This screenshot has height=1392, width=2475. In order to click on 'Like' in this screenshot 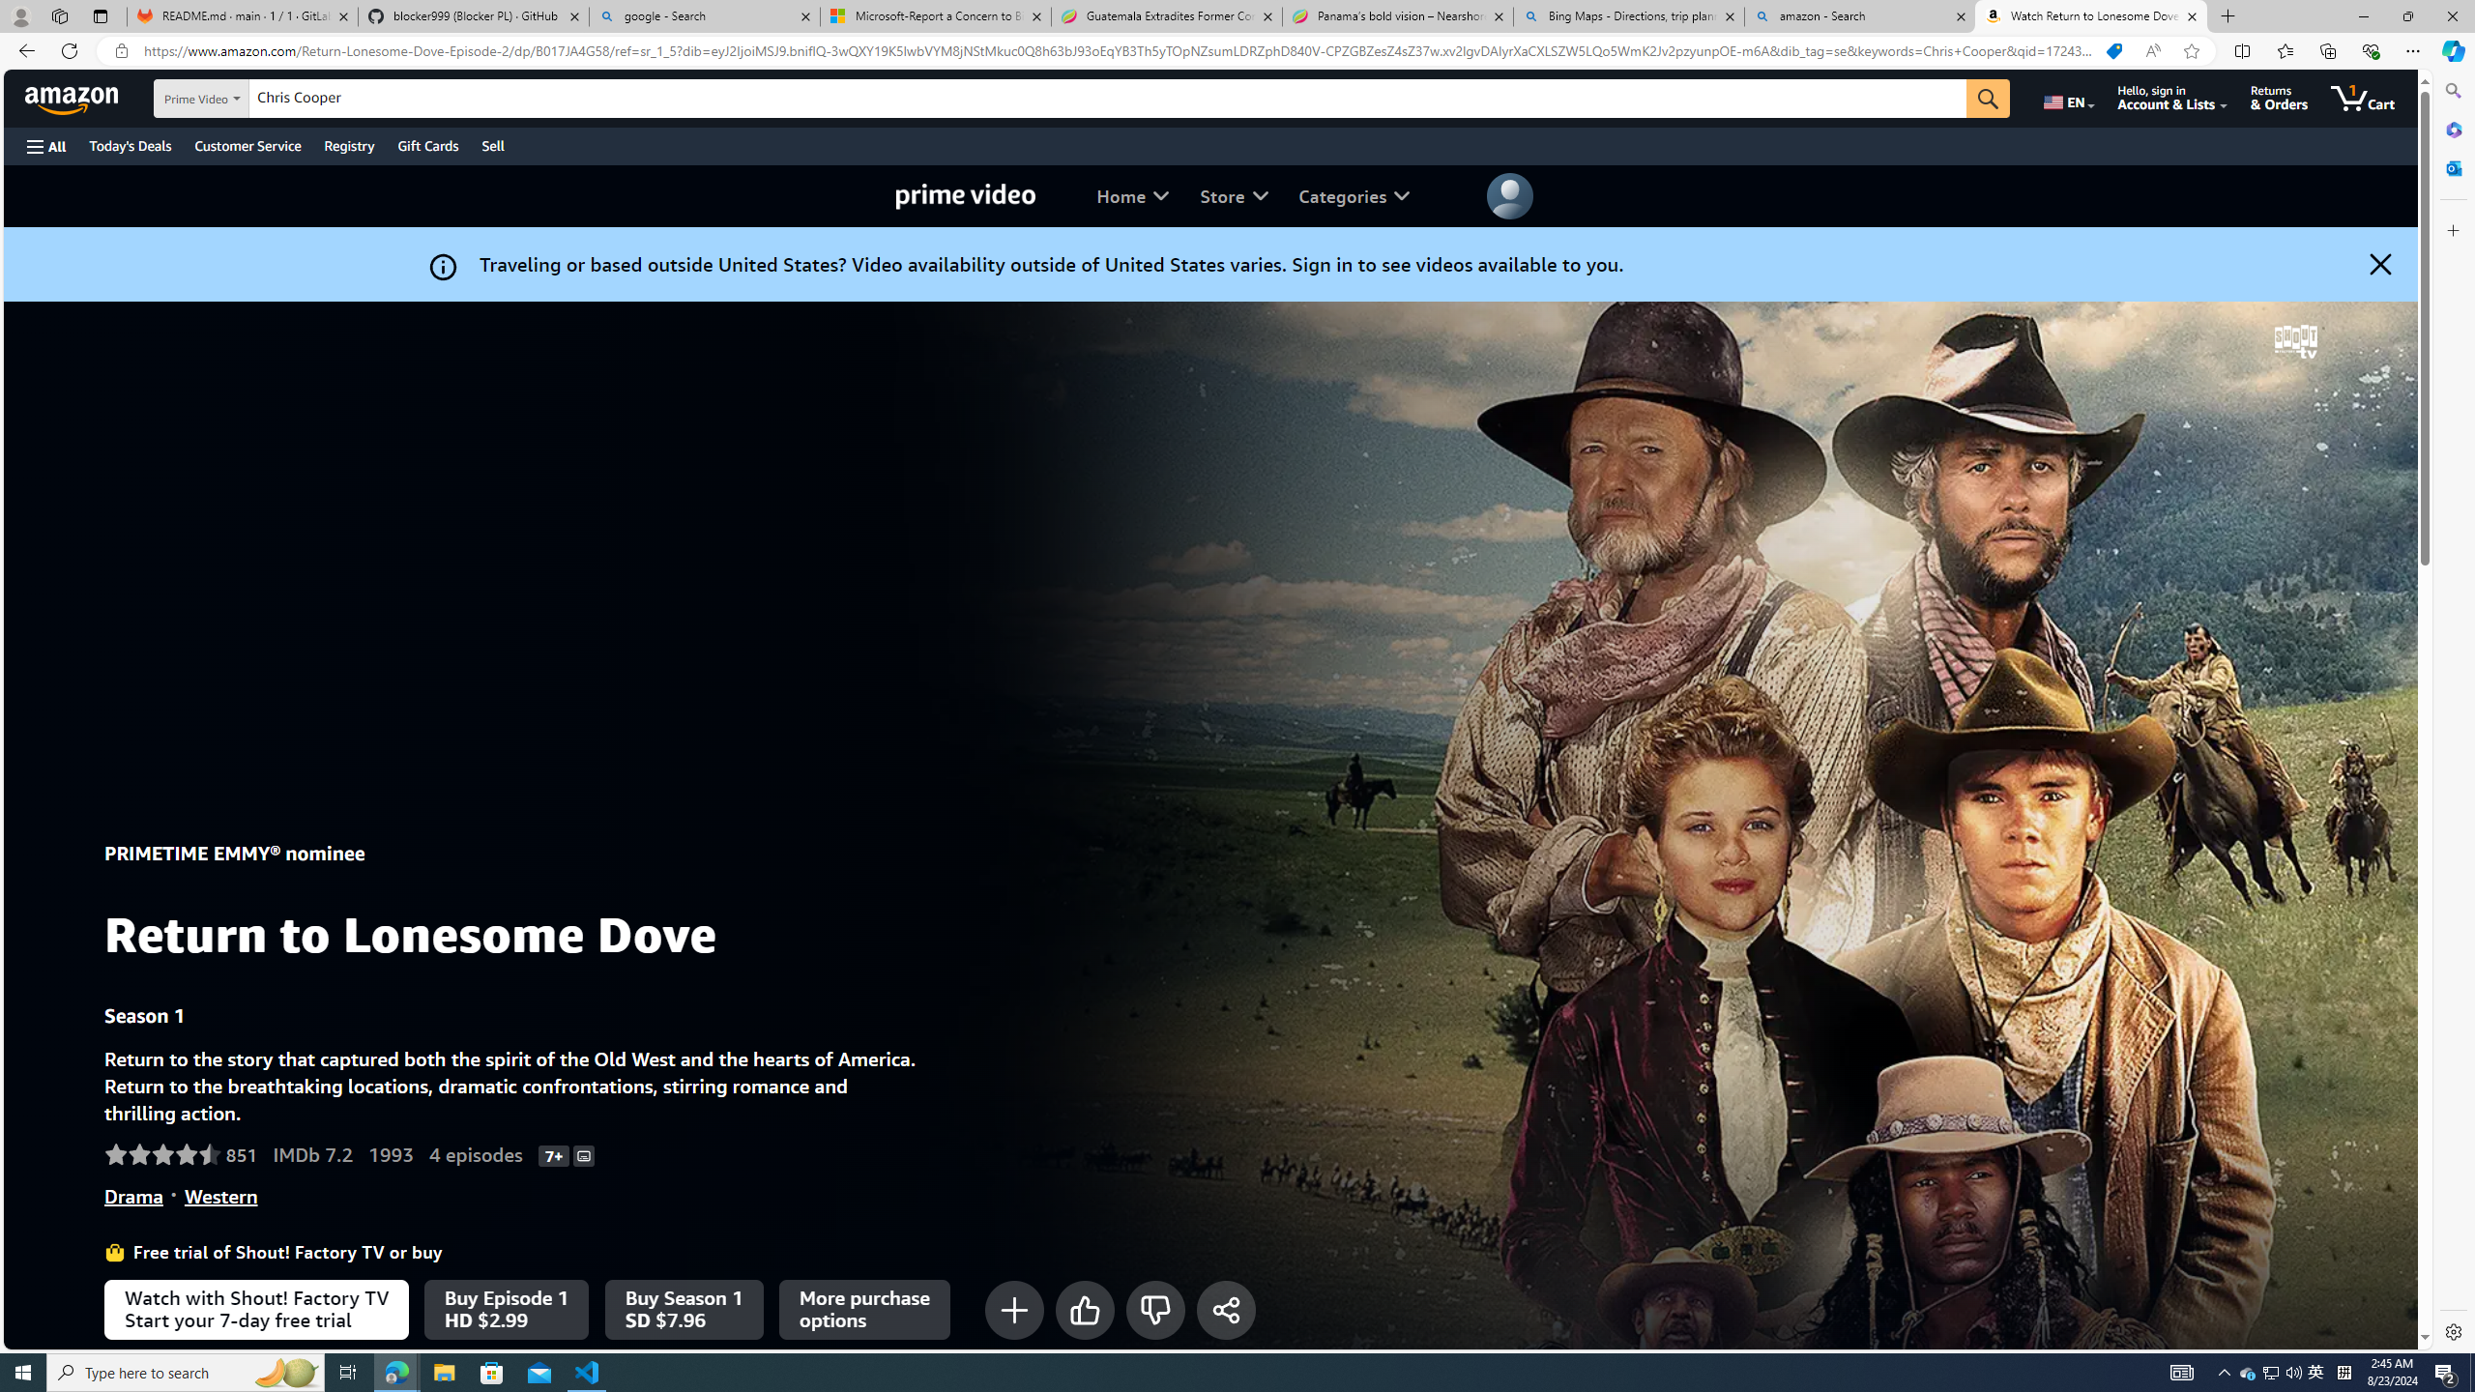, I will do `click(1084, 1308)`.